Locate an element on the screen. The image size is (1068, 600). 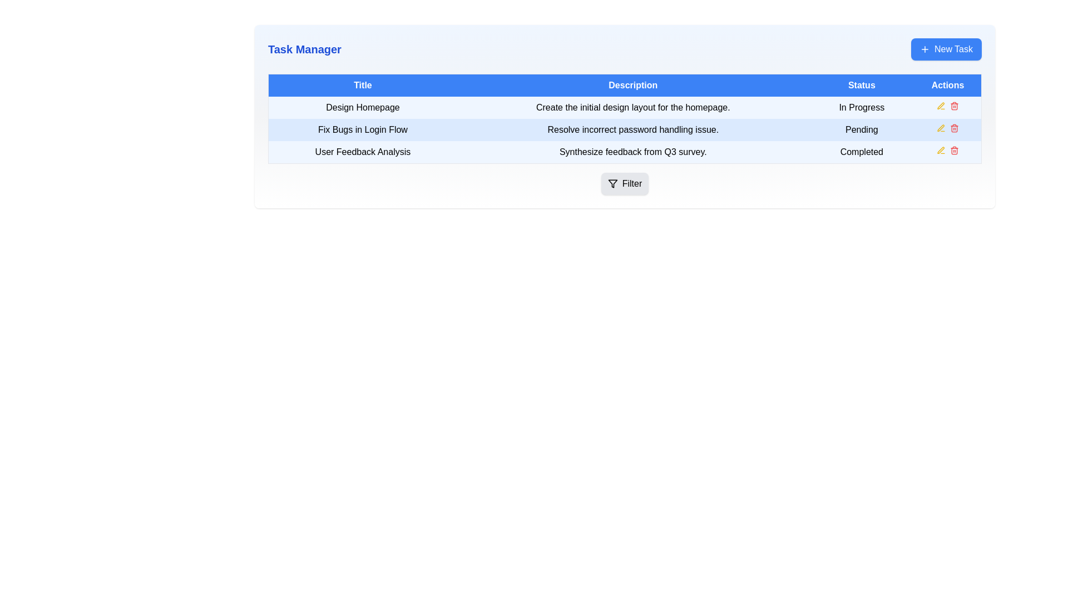
the yellow pen icon in the 'Actions' column associated with the 'Design Homepage' row is located at coordinates (940, 128).